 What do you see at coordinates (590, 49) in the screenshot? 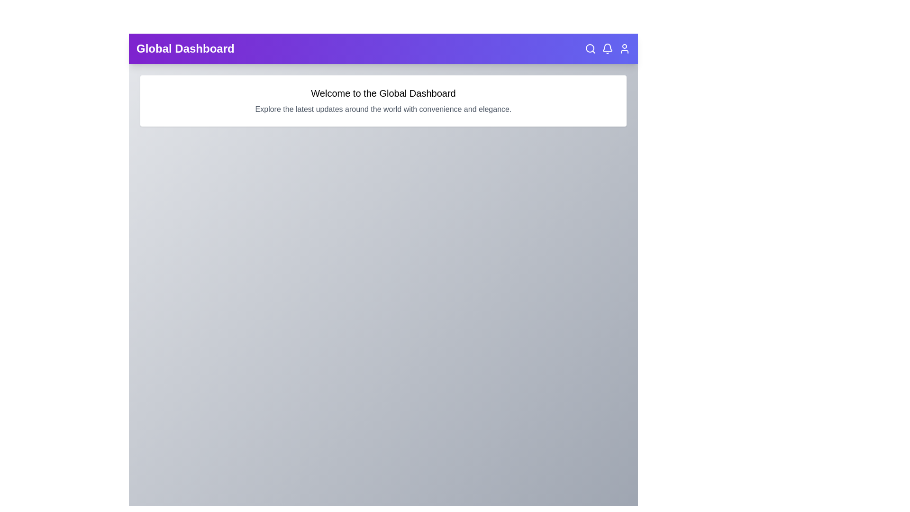
I see `the search icon in the top right corner of the EnhancedAppBar` at bounding box center [590, 49].